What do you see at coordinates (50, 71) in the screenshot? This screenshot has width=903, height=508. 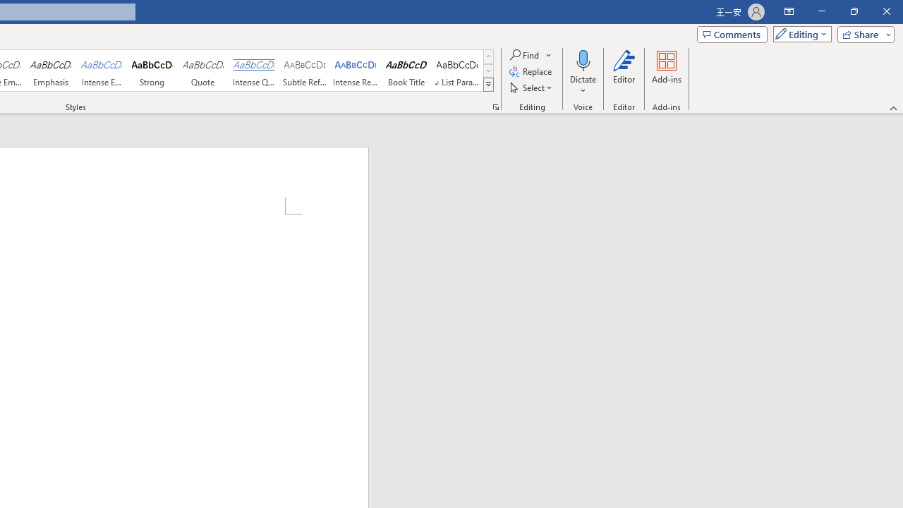 I see `'Emphasis'` at bounding box center [50, 71].